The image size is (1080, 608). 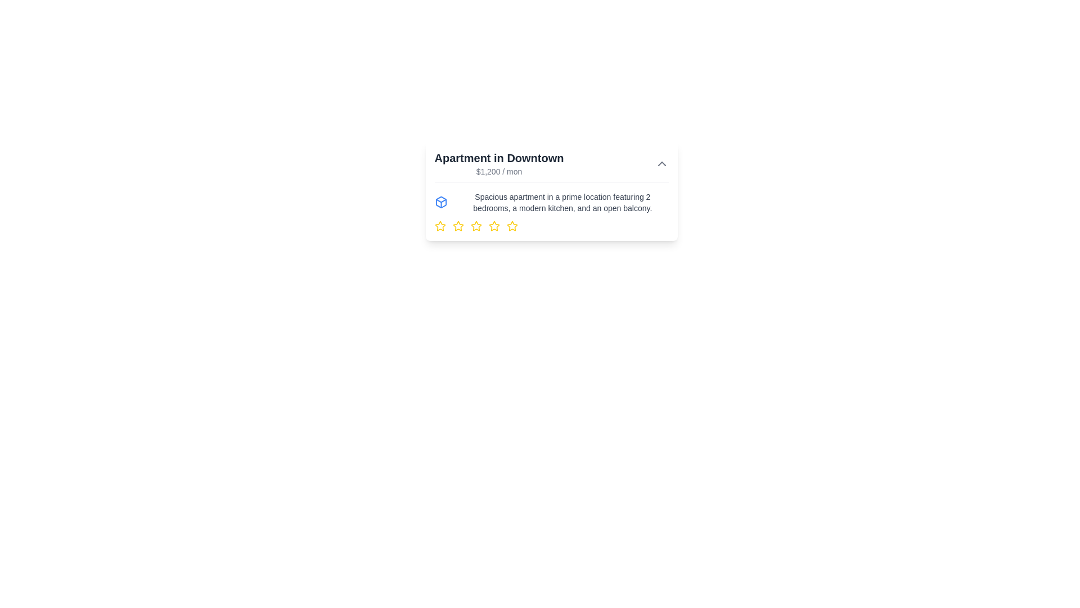 I want to click on the sixth star icon in the horizontal sequence of rating components, so click(x=494, y=226).